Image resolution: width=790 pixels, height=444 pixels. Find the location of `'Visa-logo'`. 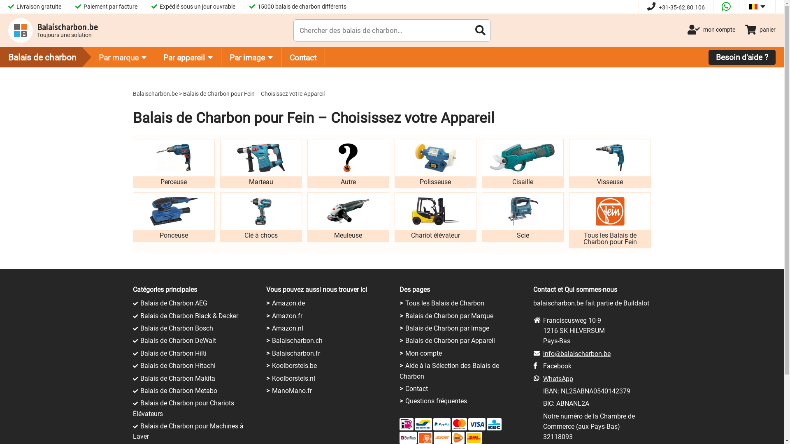

'Visa-logo' is located at coordinates (476, 424).